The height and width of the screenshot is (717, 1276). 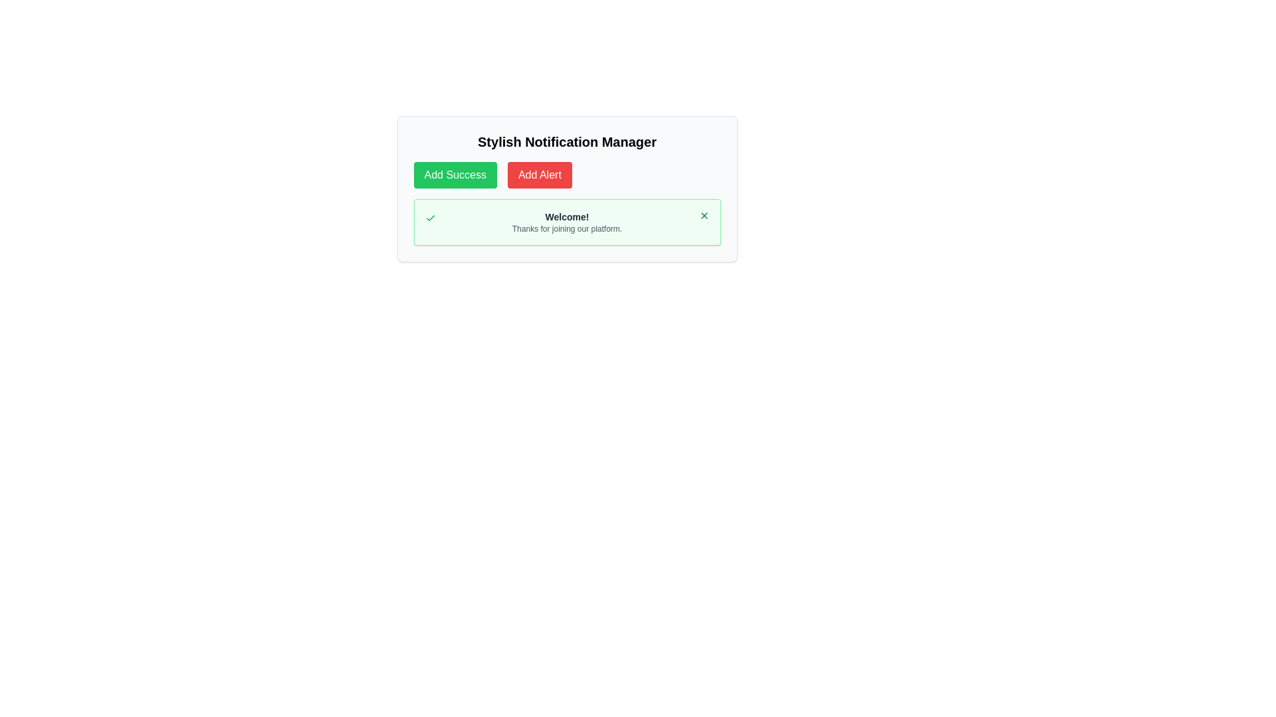 What do you see at coordinates (567, 189) in the screenshot?
I see `the notification management panel, which is located centrally beneath the title bar and includes buttons for interaction` at bounding box center [567, 189].